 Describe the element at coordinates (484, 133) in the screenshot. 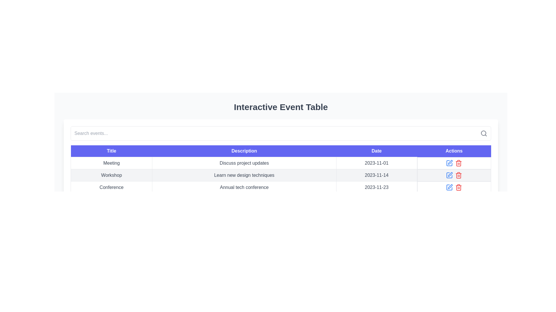

I see `the Circle component located at the center of the magnifying glass icon in the top-right area of the interface` at that location.